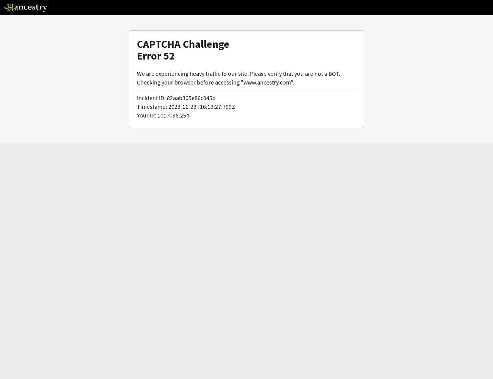 This screenshot has width=493, height=379. Describe the element at coordinates (146, 115) in the screenshot. I see `'Your IP:'` at that location.